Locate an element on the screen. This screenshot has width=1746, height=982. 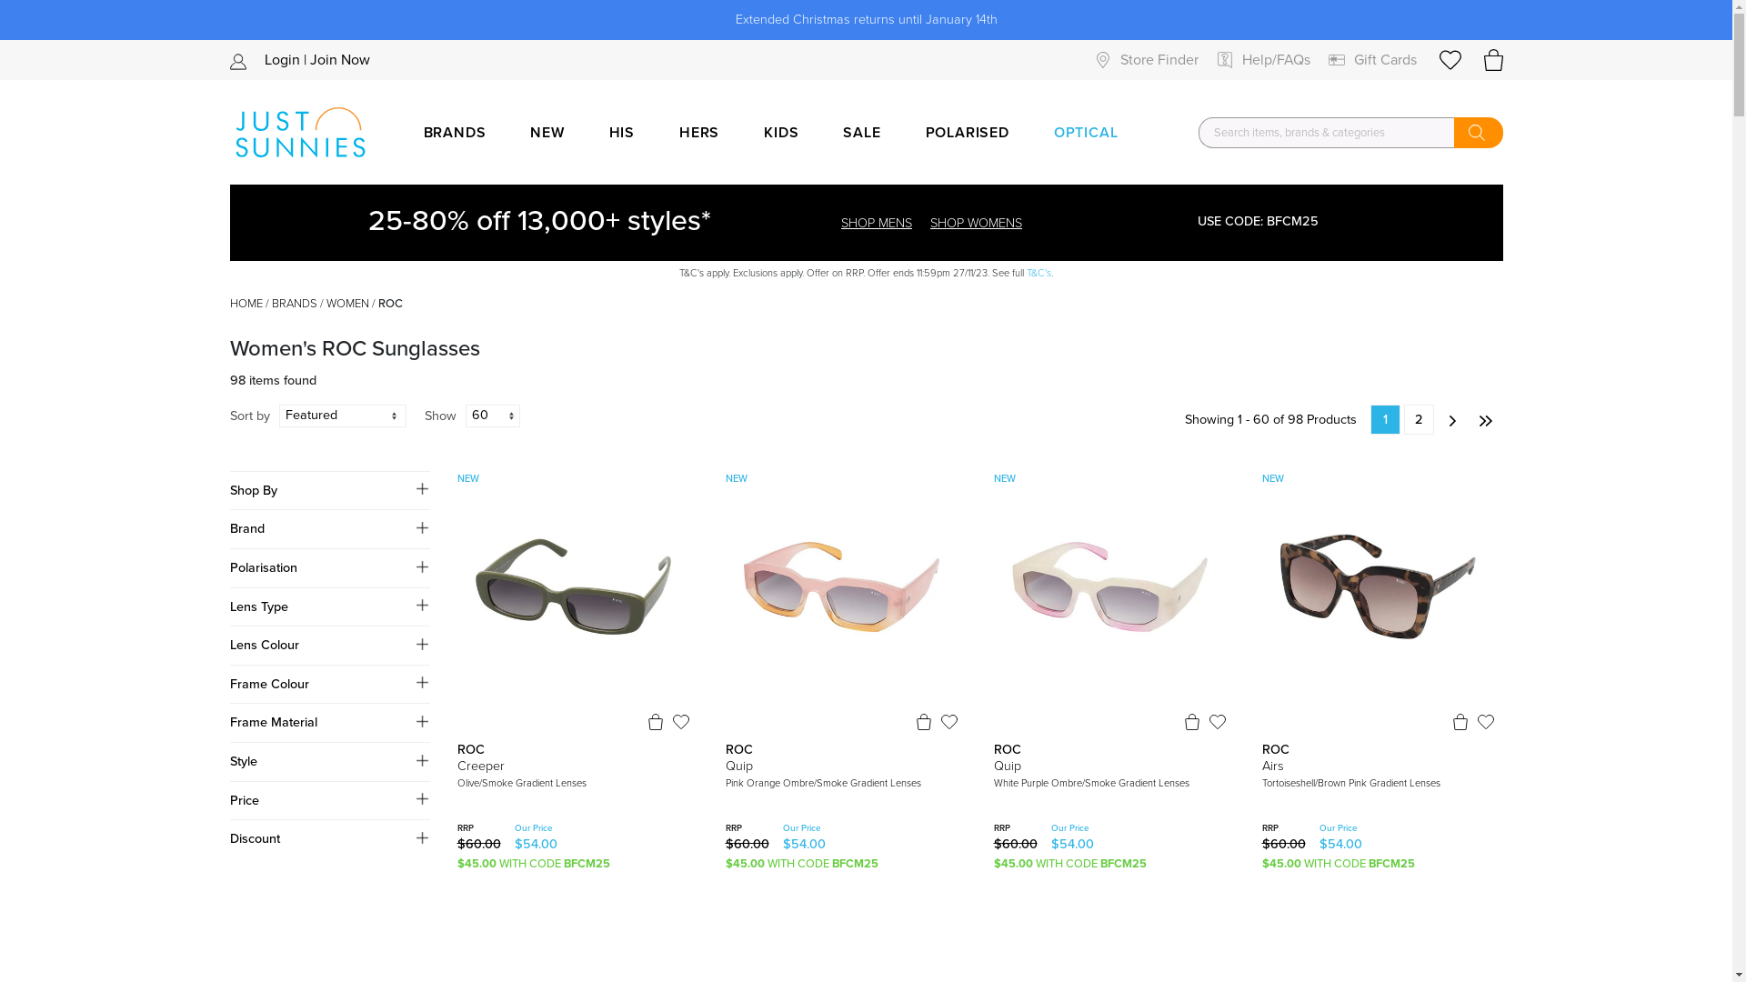
'HIS' is located at coordinates (622, 131).